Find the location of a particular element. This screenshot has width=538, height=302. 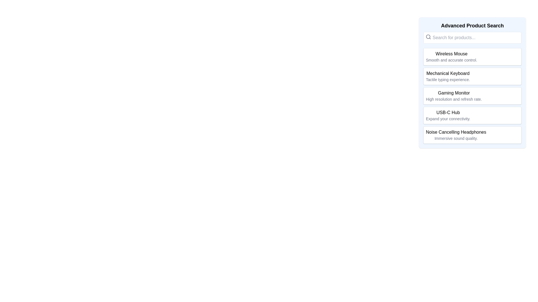

the text block labeled 'USB-C Hub' which contains two lines of text: the first line is bold and larger, and the second line is smaller and in grey is located at coordinates (448, 115).